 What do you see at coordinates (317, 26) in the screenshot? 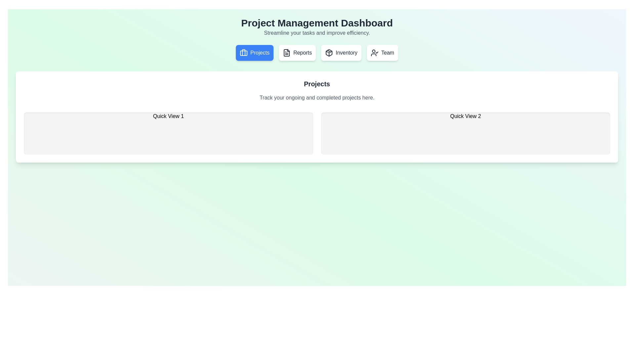
I see `the Text Content Block located at the top of the interface, which serves as the title and introductory statement for the page` at bounding box center [317, 26].